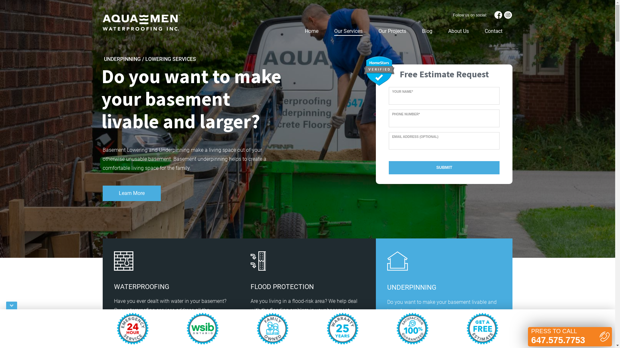 The height and width of the screenshot is (348, 620). Describe the element at coordinates (379, 71) in the screenshot. I see `'homestars verified badge'` at that location.